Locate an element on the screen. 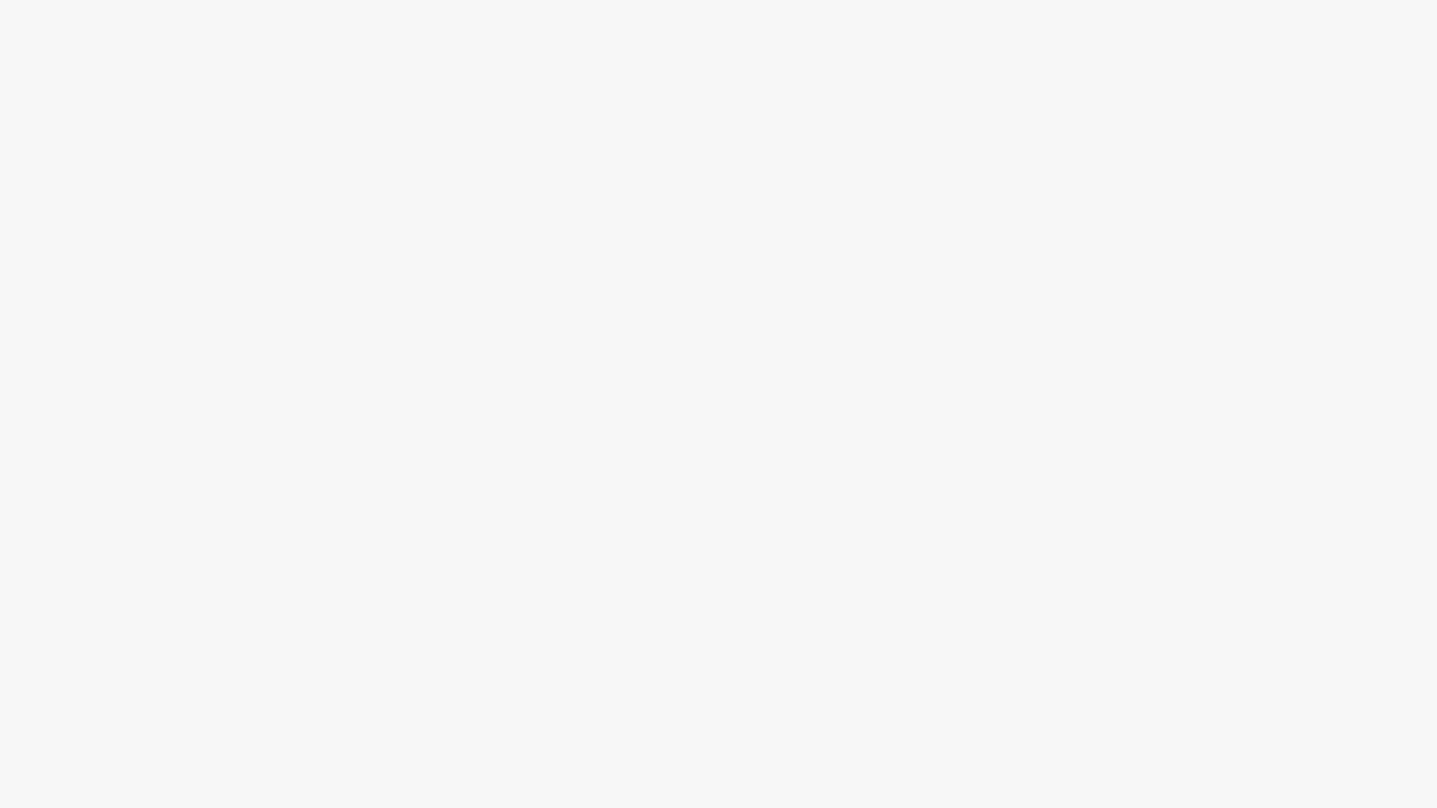 This screenshot has height=808, width=1437. Toggle password visibility is located at coordinates (867, 181).